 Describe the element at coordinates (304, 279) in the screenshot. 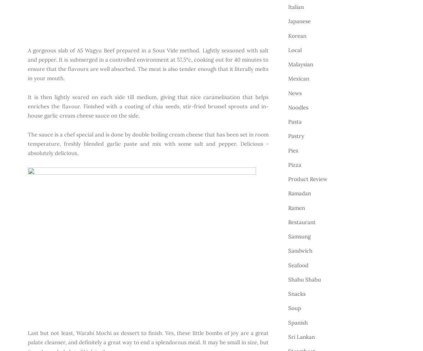

I see `'Shabu Shabu'` at that location.